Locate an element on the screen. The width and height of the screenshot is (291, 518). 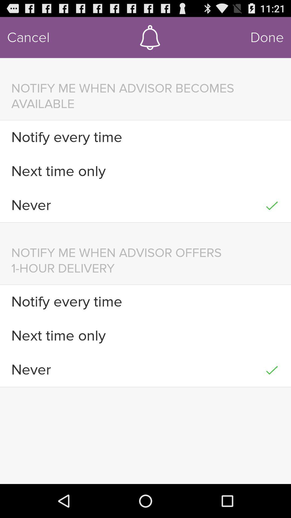
the icon to the right of the next time only item is located at coordinates (272, 335).